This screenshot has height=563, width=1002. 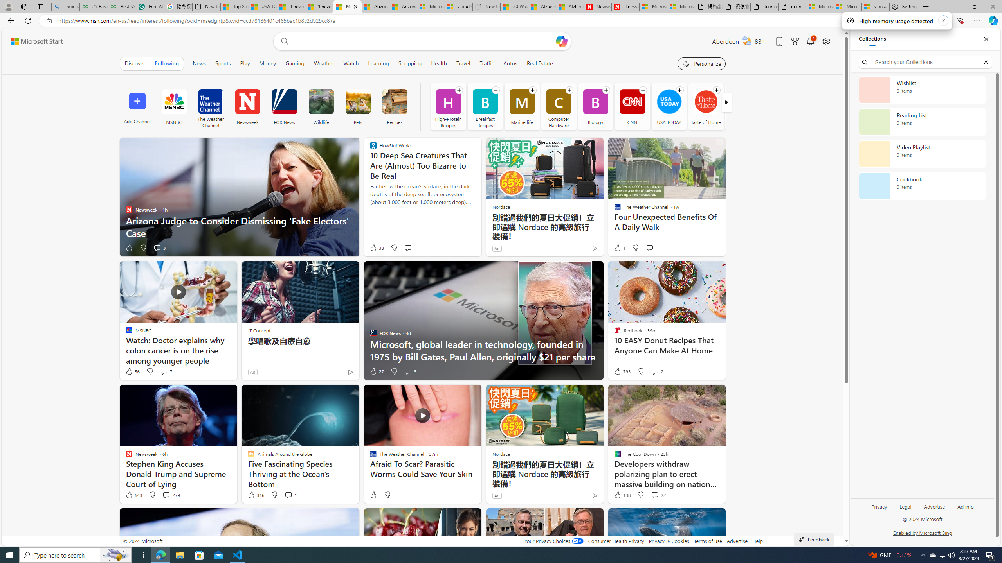 I want to click on 'itconcepthk.com/projector_solutions.mp4', so click(x=791, y=6).